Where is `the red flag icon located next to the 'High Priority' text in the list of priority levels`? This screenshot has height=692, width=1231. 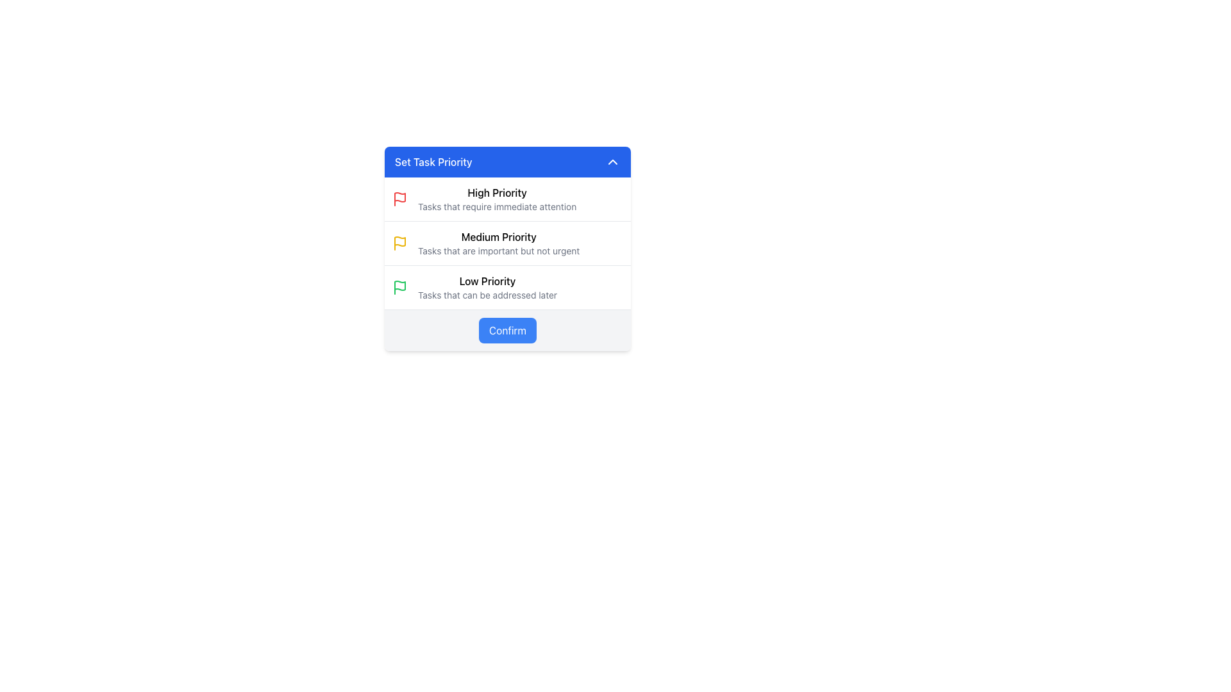 the red flag icon located next to the 'High Priority' text in the list of priority levels is located at coordinates (399, 199).